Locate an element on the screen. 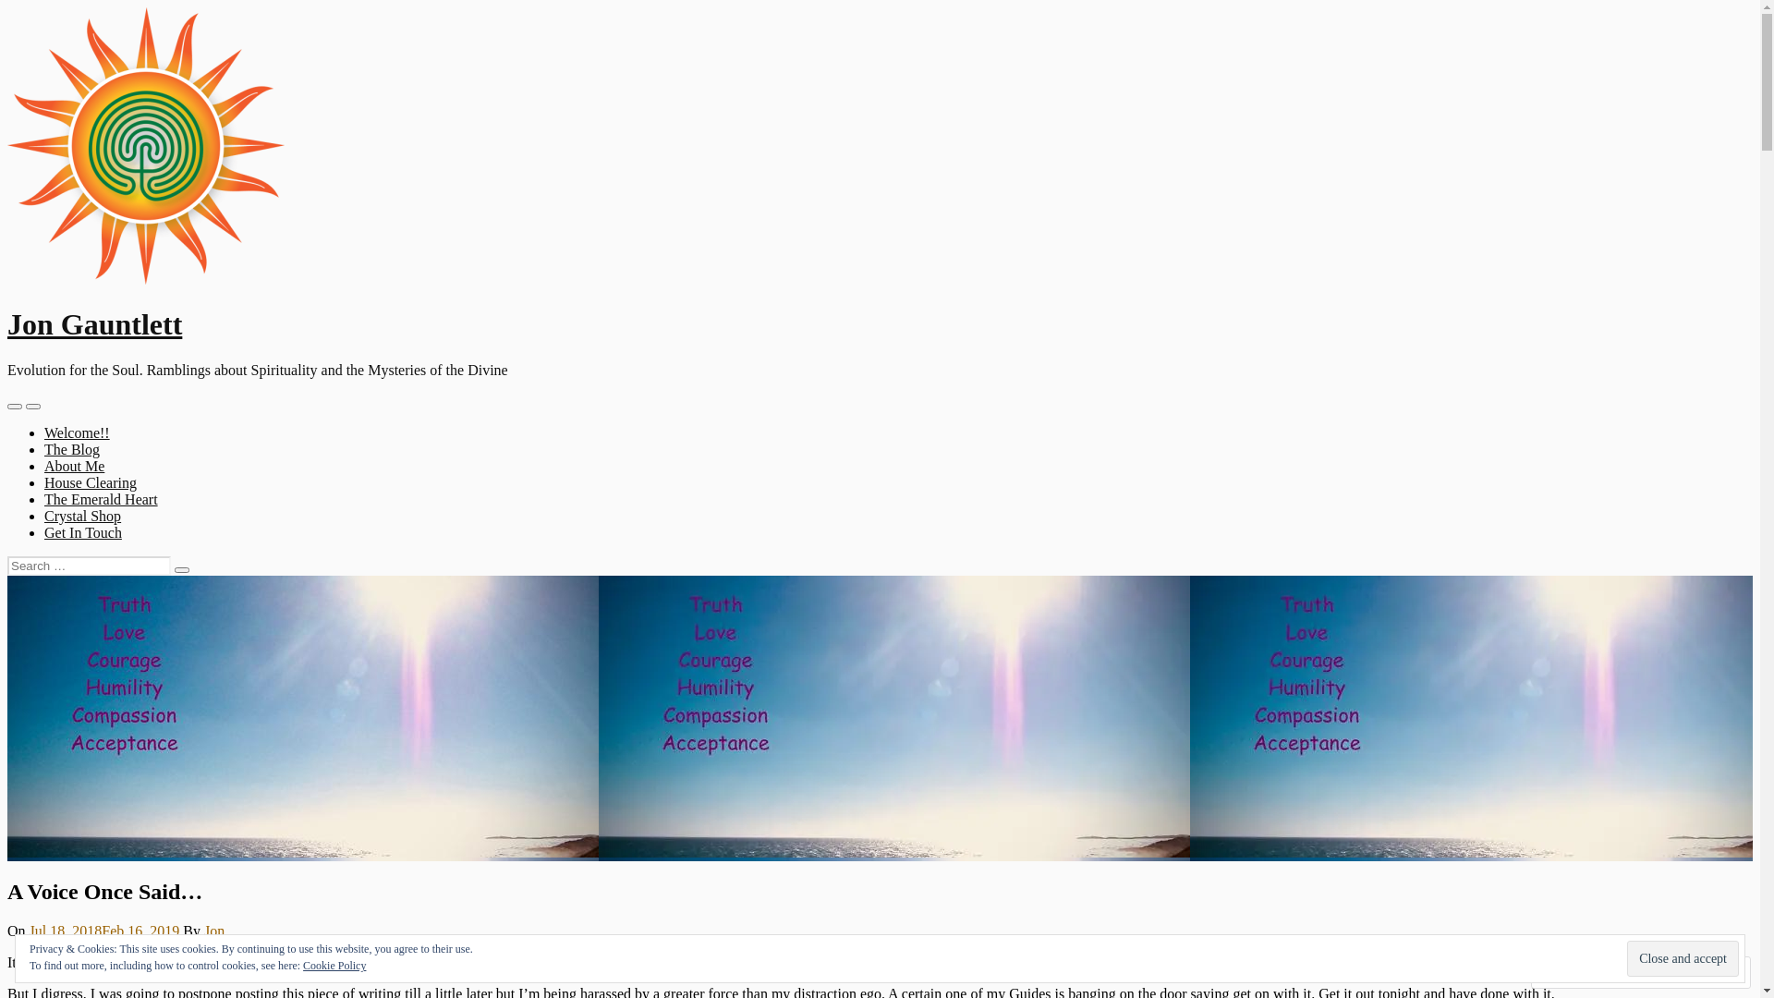 The width and height of the screenshot is (1774, 998). 'Get In Touch' is located at coordinates (82, 532).